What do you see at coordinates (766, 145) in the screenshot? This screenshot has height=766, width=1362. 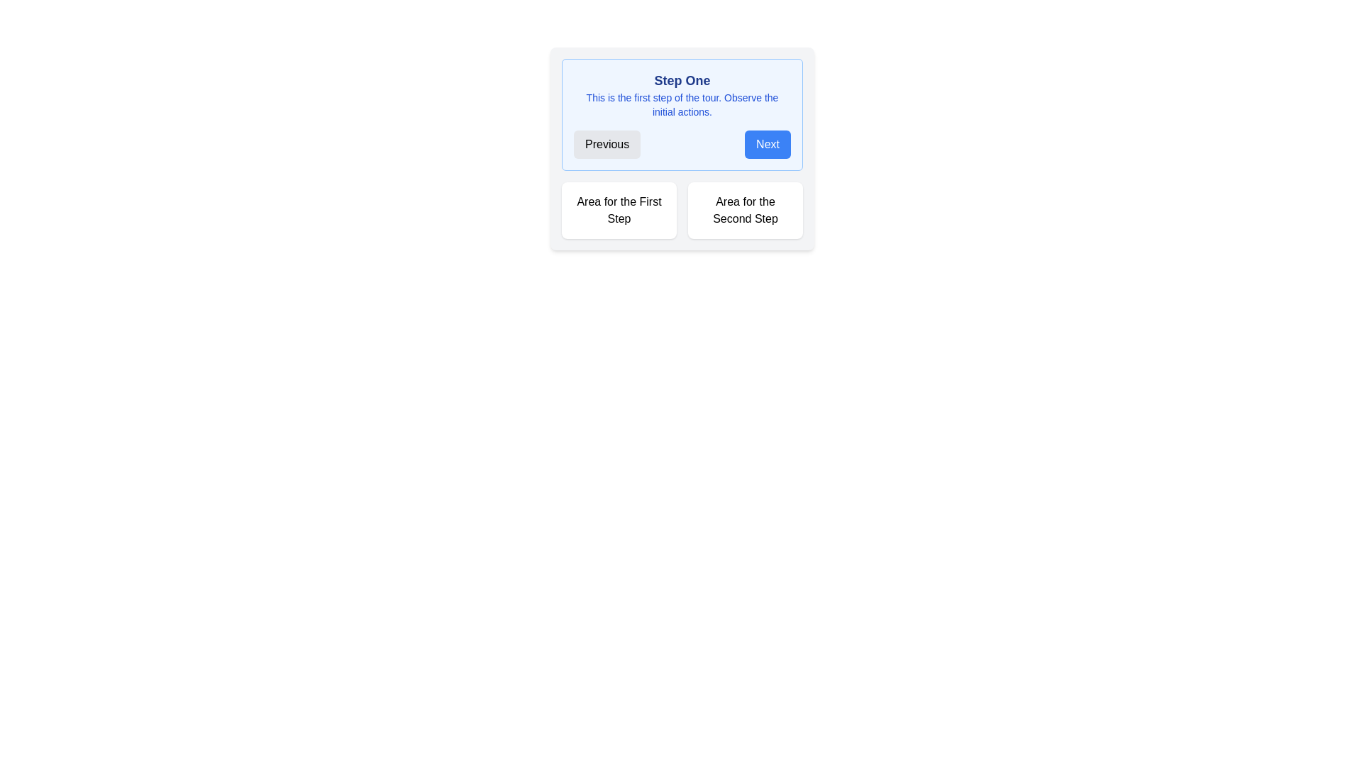 I see `the 'Next' button, a rectangular button with a blue background and white text, to proceed to the next step in the guidance UI` at bounding box center [766, 145].